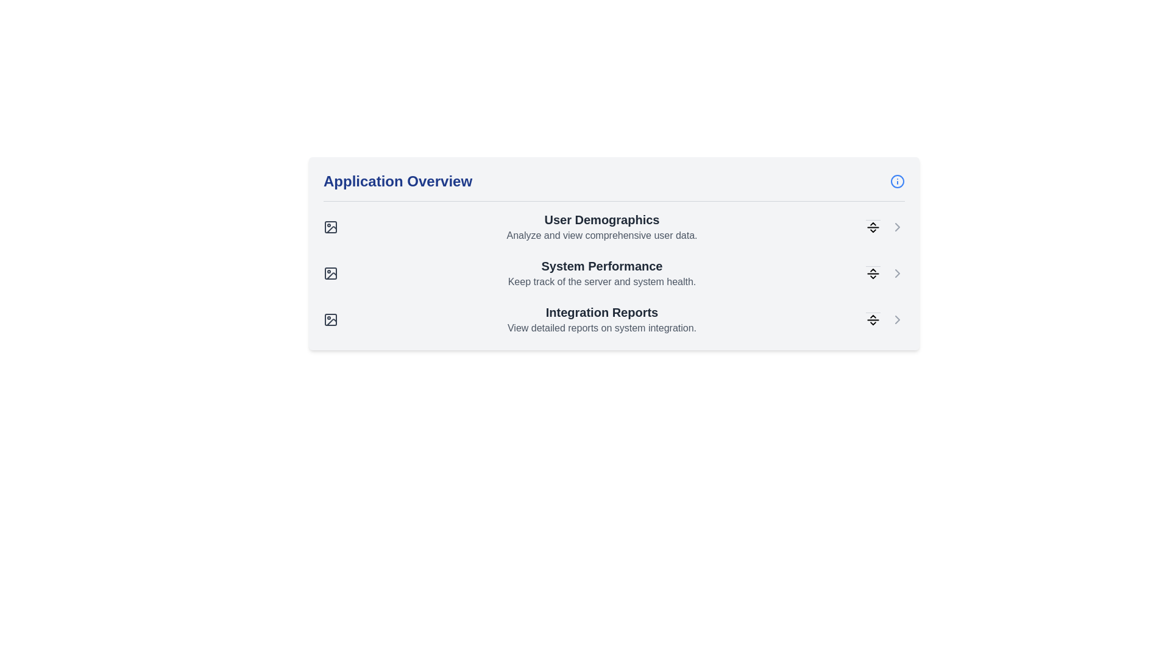  What do you see at coordinates (602, 328) in the screenshot?
I see `the Text Label providing additional information about the 'Integration Reports' section, located below the 'Integration Reports' title in the third entry of the list under 'Application Overview'` at bounding box center [602, 328].